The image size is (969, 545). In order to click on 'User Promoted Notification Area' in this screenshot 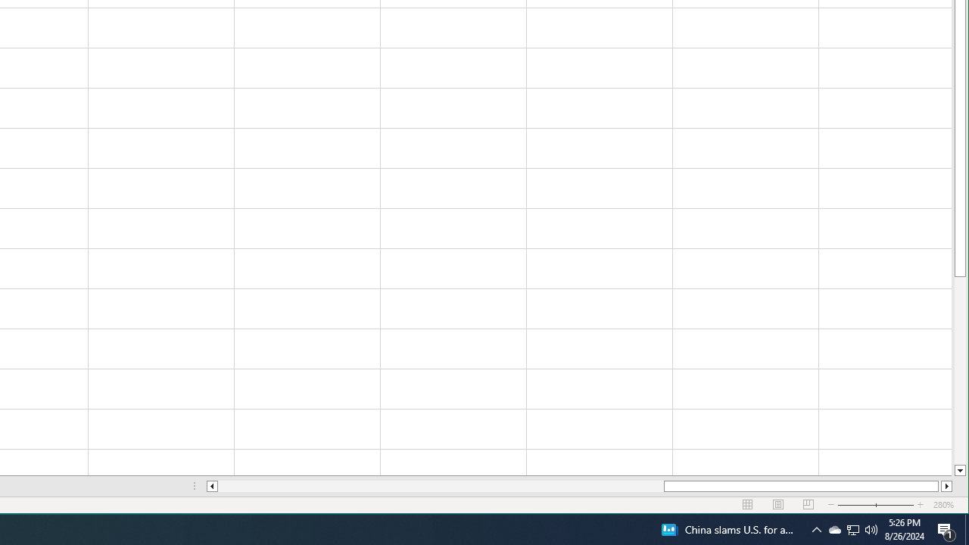, I will do `click(833, 528)`.